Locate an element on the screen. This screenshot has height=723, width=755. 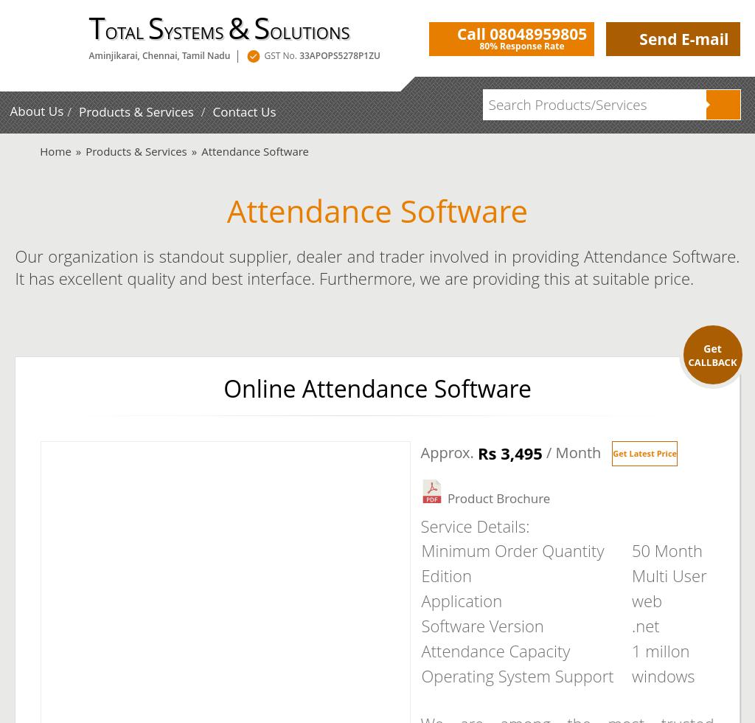
'Software Version' is located at coordinates (481, 625).